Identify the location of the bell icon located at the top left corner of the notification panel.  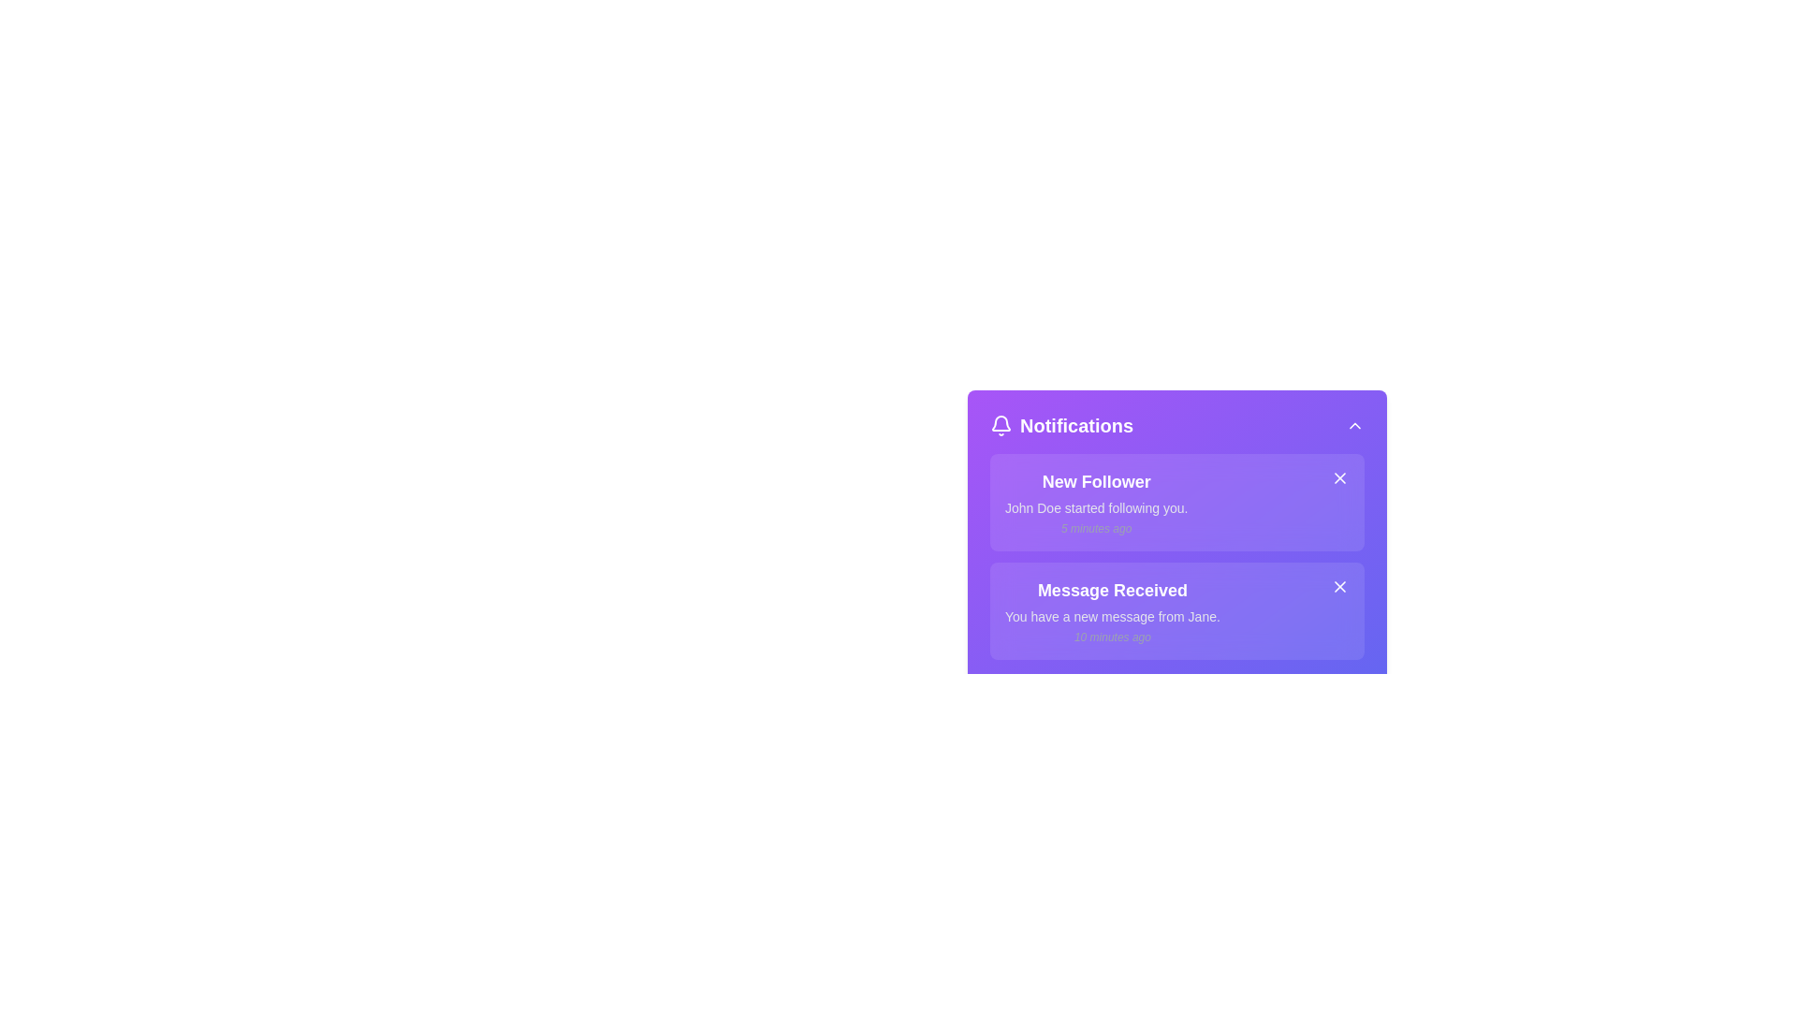
(1001, 423).